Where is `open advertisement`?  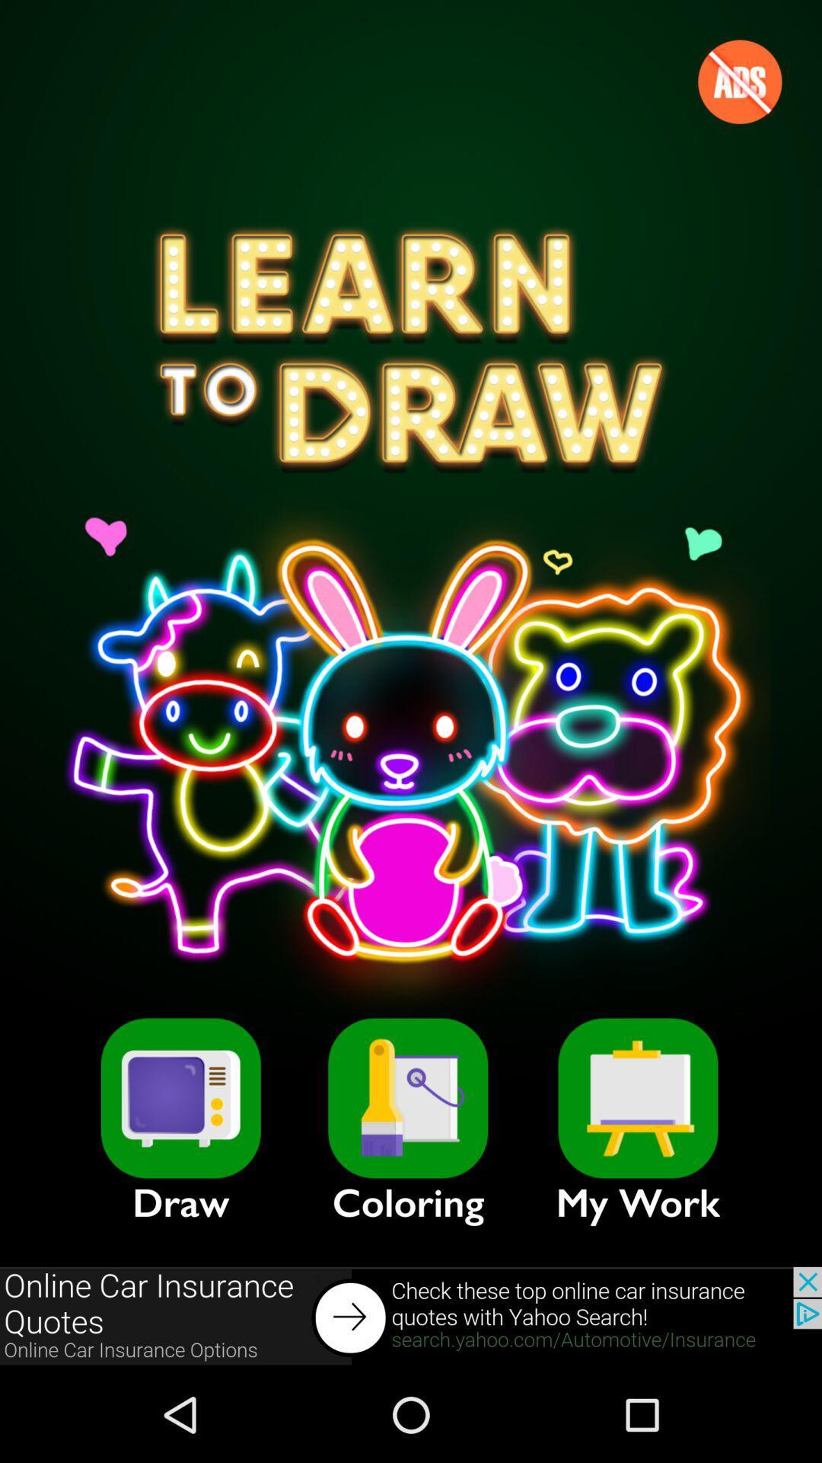 open advertisement is located at coordinates (411, 1316).